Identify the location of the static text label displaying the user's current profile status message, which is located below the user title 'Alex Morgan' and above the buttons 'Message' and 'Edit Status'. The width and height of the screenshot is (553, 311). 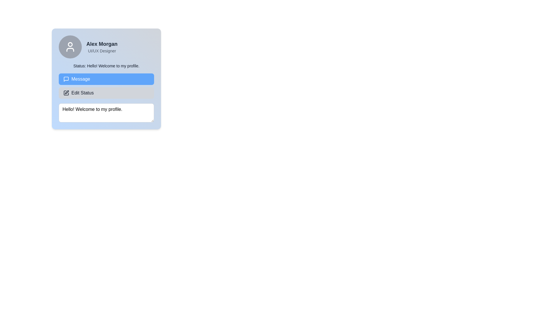
(106, 65).